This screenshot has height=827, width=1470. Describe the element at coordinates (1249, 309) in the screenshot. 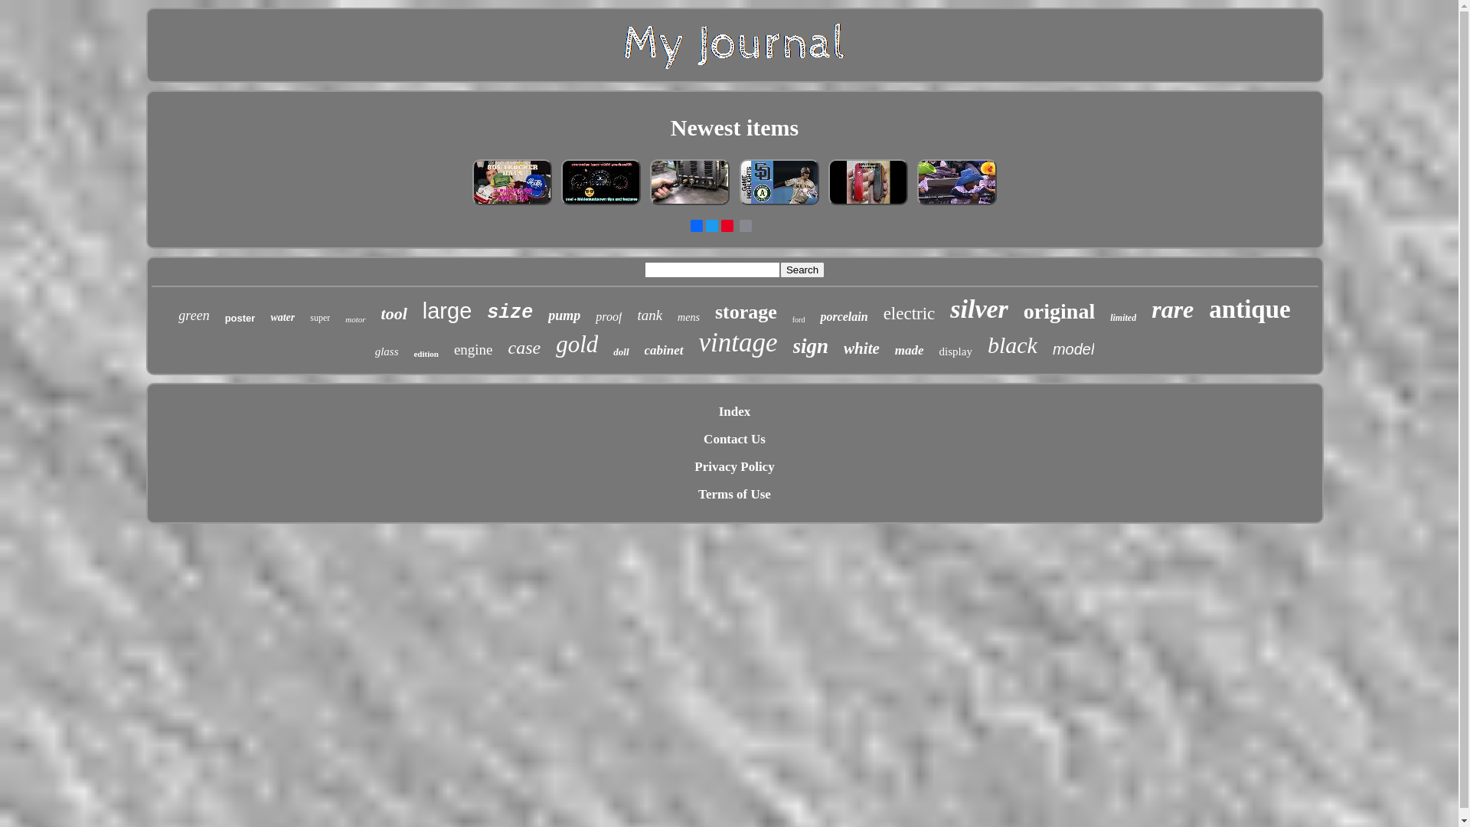

I see `'antique'` at that location.